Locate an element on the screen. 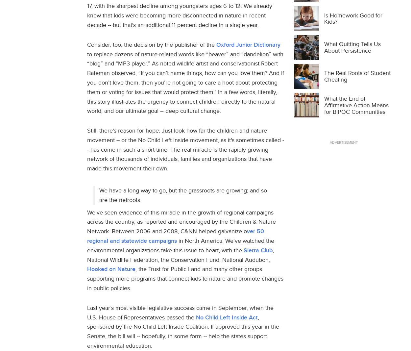 This screenshot has width=411, height=351. 'education' is located at coordinates (138, 345).